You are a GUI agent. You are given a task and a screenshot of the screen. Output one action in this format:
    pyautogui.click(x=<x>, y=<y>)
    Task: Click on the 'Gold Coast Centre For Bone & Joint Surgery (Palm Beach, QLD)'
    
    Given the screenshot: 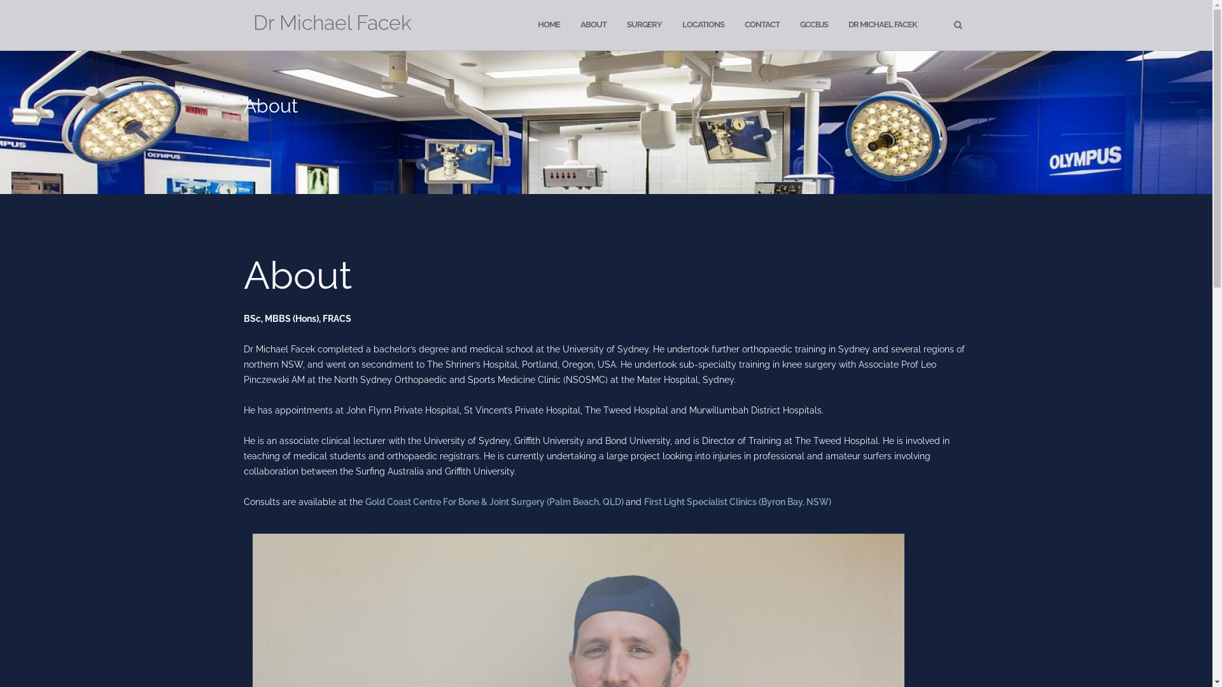 What is the action you would take?
    pyautogui.click(x=495, y=501)
    